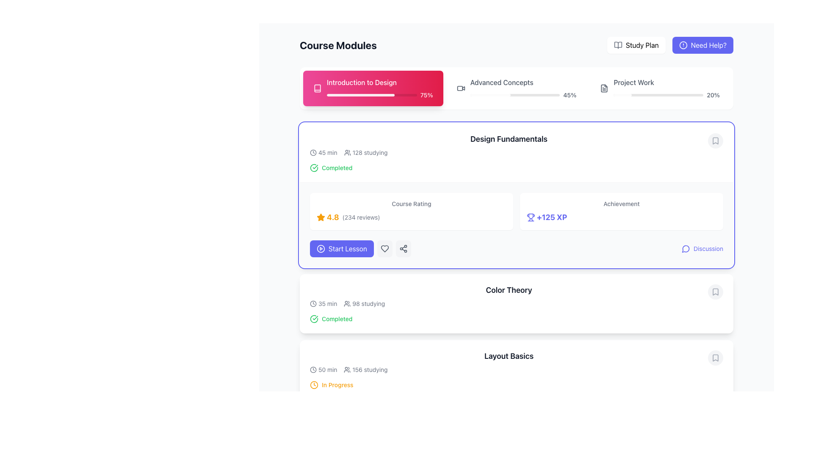 Image resolution: width=813 pixels, height=457 pixels. I want to click on the static text label that serves as a title for the course rating information, located above the '4.8 (234 reviews)' text and adjacent to the star rating for the 'Design Fundamentals' course module, so click(411, 204).